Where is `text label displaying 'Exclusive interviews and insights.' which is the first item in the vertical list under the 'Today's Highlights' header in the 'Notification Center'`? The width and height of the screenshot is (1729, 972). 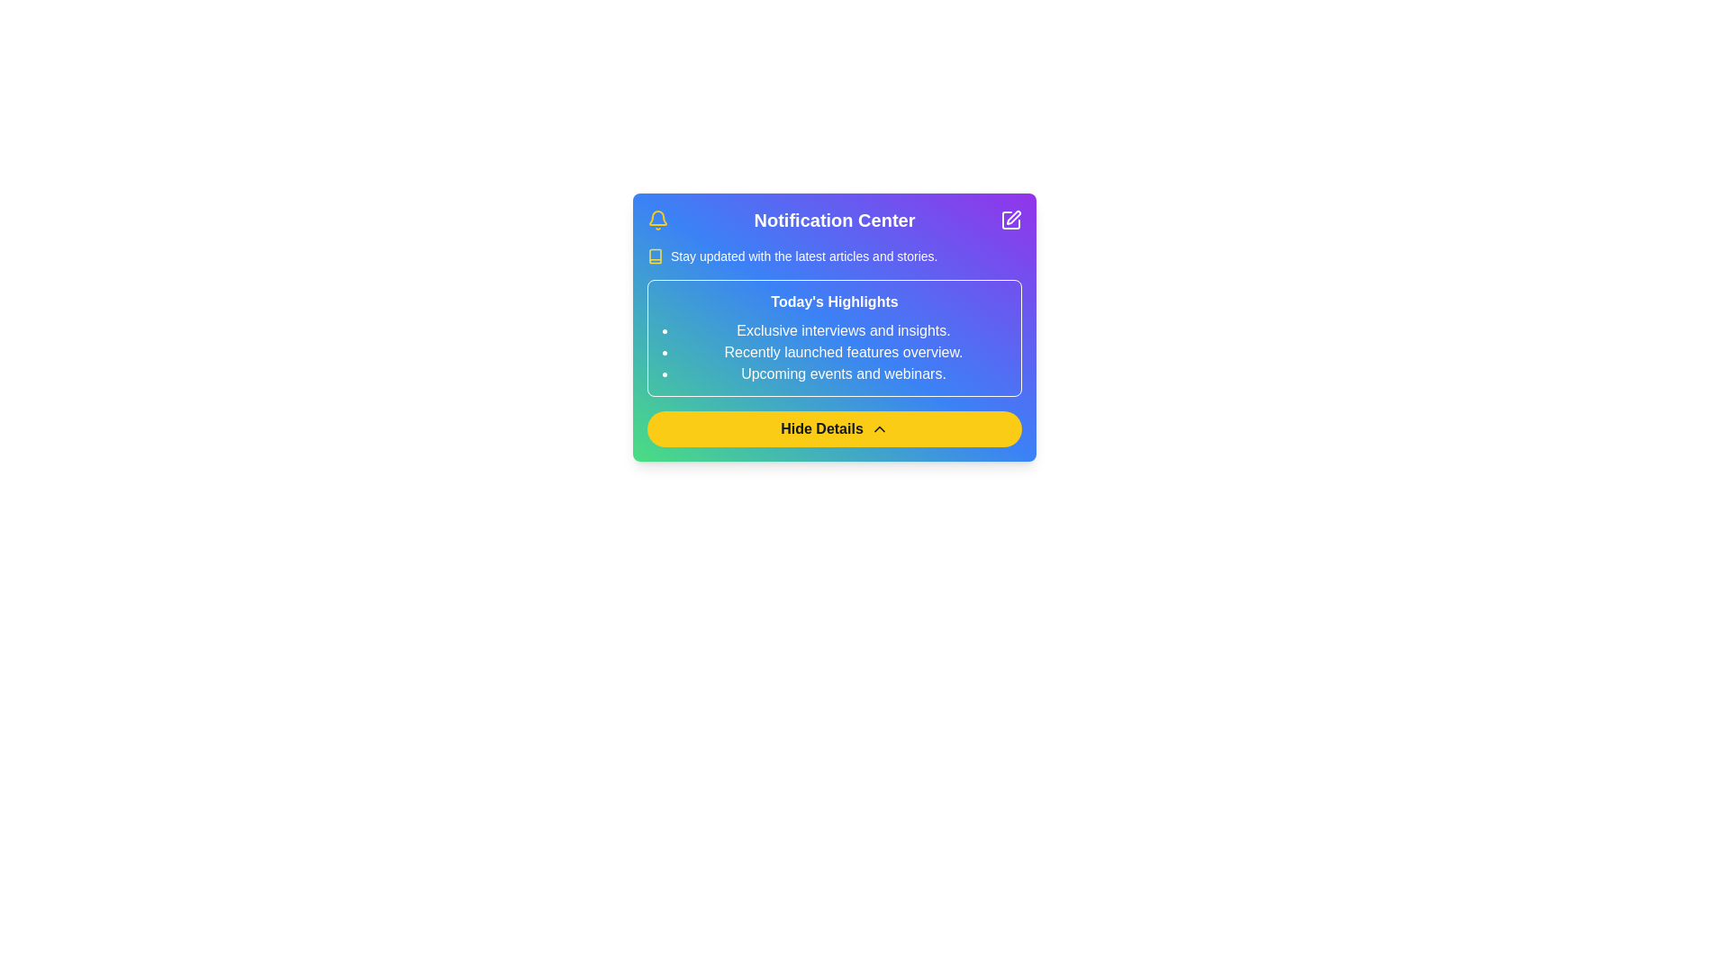
text label displaying 'Exclusive interviews and insights.' which is the first item in the vertical list under the 'Today's Highlights' header in the 'Notification Center' is located at coordinates (842, 330).